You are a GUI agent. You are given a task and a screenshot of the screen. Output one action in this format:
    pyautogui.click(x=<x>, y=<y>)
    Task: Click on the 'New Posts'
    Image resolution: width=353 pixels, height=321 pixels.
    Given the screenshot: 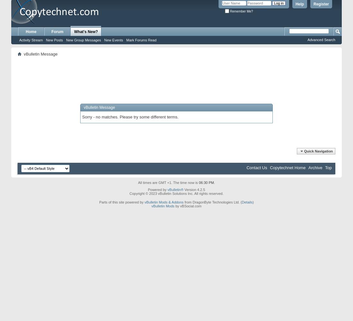 What is the action you would take?
    pyautogui.click(x=54, y=40)
    